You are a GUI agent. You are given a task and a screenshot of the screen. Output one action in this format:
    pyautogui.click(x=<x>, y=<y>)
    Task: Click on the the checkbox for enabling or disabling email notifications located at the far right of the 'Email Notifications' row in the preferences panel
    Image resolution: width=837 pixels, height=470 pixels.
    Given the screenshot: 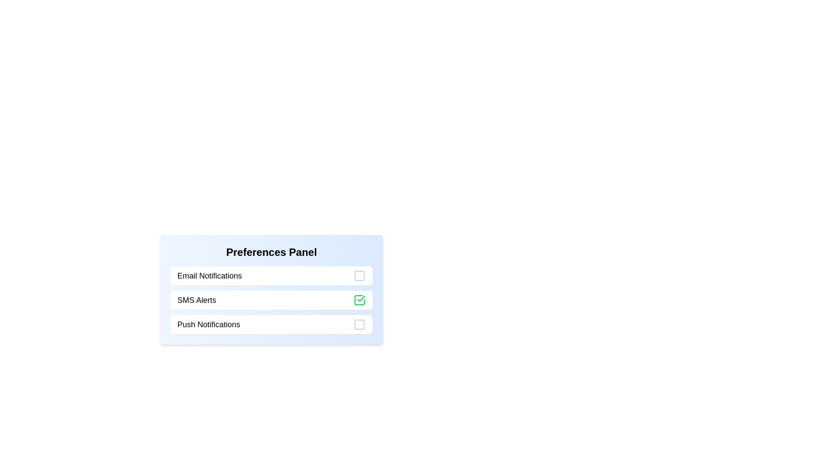 What is the action you would take?
    pyautogui.click(x=360, y=275)
    